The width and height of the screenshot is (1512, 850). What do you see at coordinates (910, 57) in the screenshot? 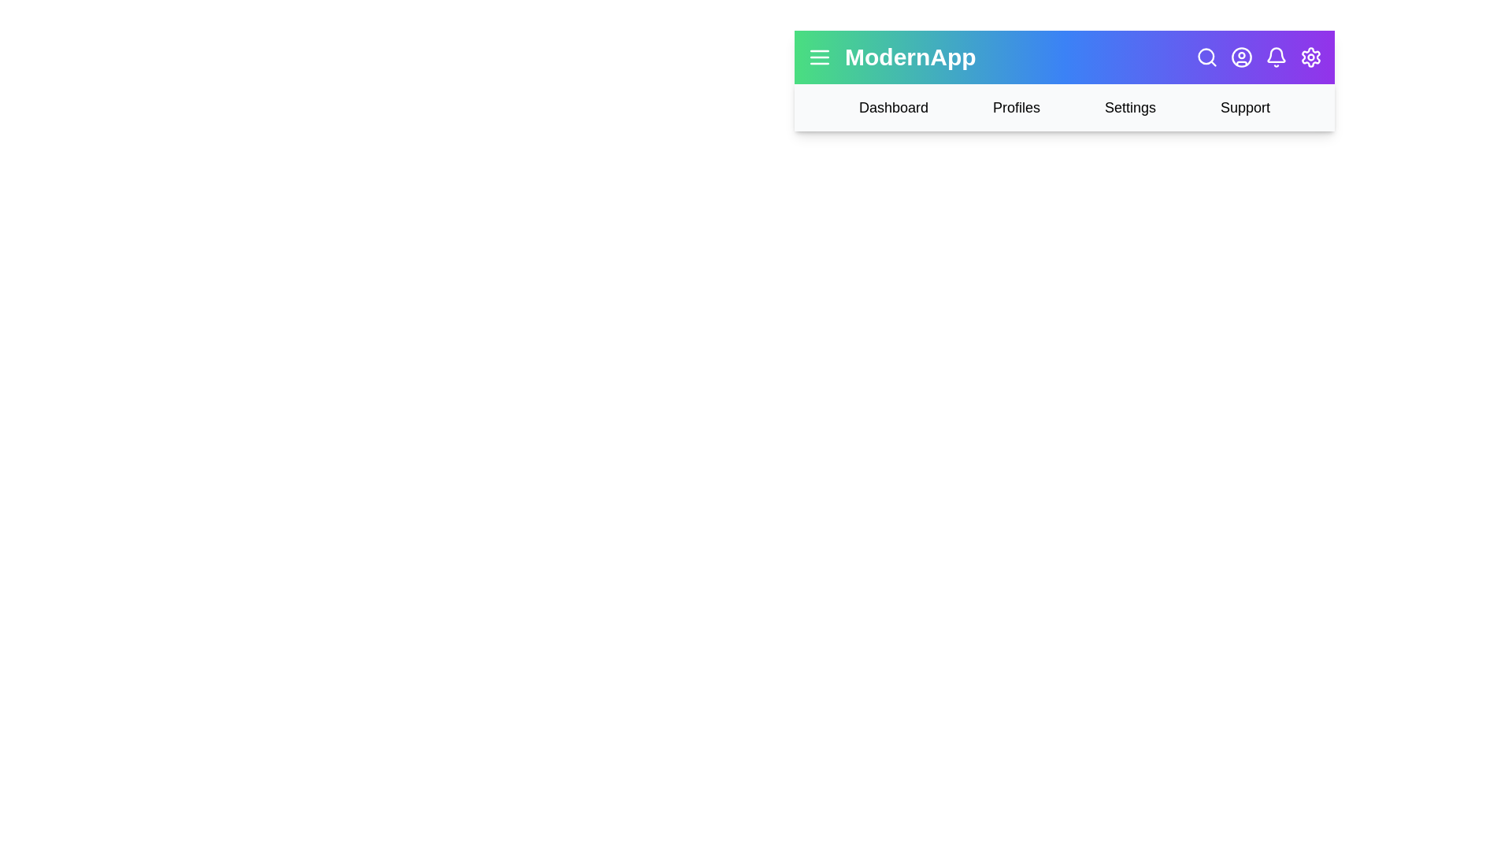
I see `the 'ModernApp' text in the header to select or highlight it` at bounding box center [910, 57].